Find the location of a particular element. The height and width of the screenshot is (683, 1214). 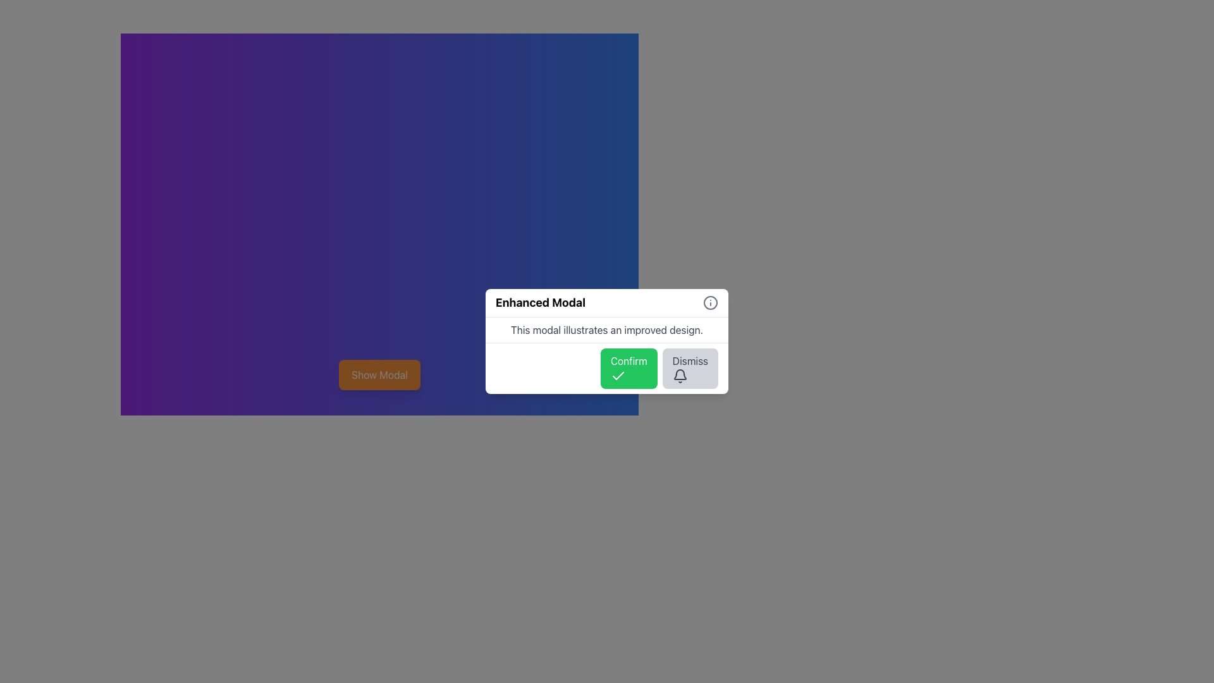

the text block reading 'This modal illustrates an improved design.' which is styled in gray against a white background, located centrally within the modal dialog interface is located at coordinates (607, 329).